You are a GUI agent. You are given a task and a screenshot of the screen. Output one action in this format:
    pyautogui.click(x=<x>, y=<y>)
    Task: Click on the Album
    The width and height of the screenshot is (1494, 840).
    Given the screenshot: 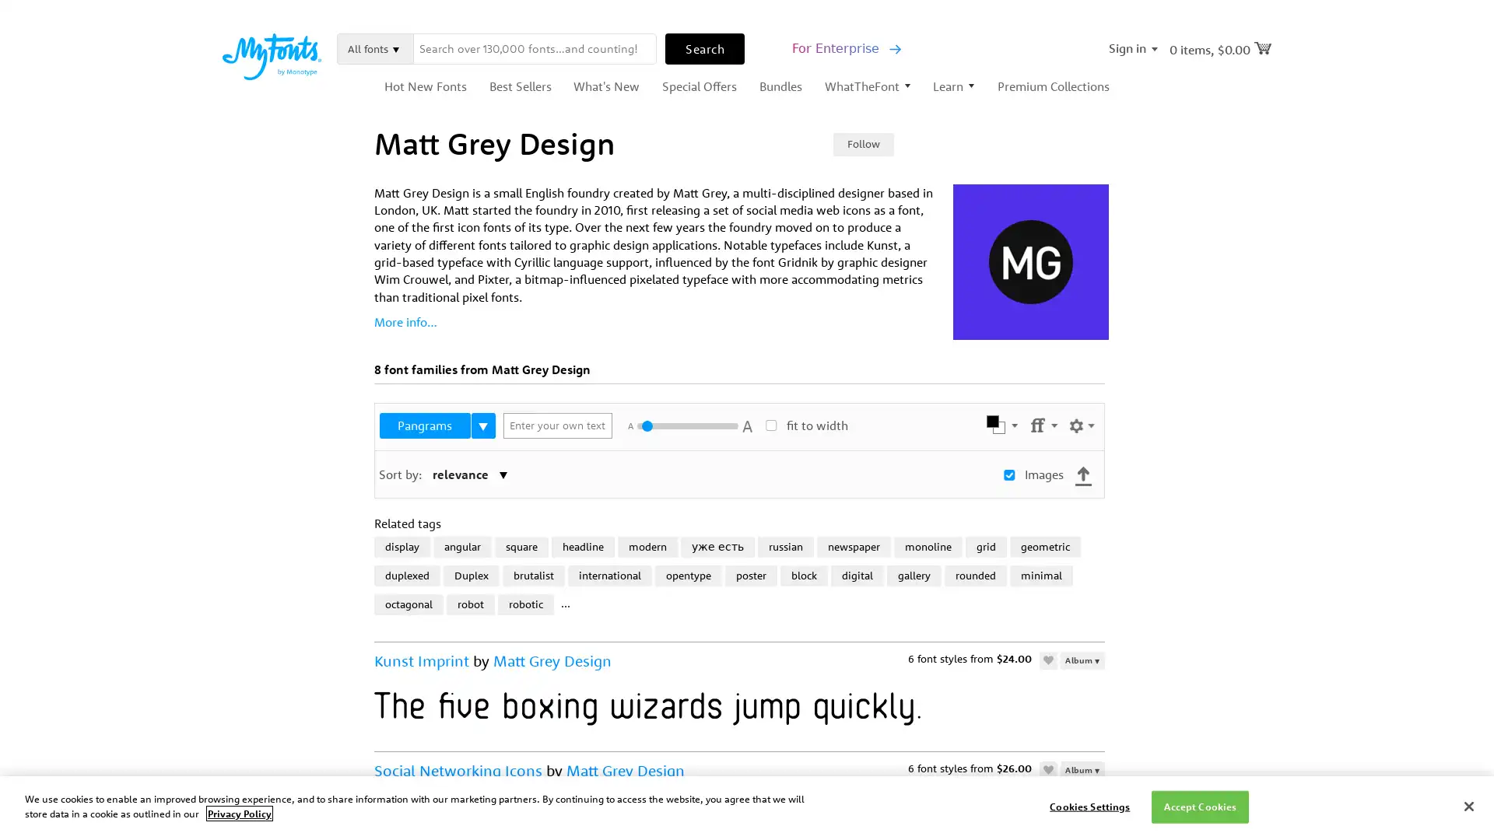 What is the action you would take?
    pyautogui.click(x=1082, y=660)
    